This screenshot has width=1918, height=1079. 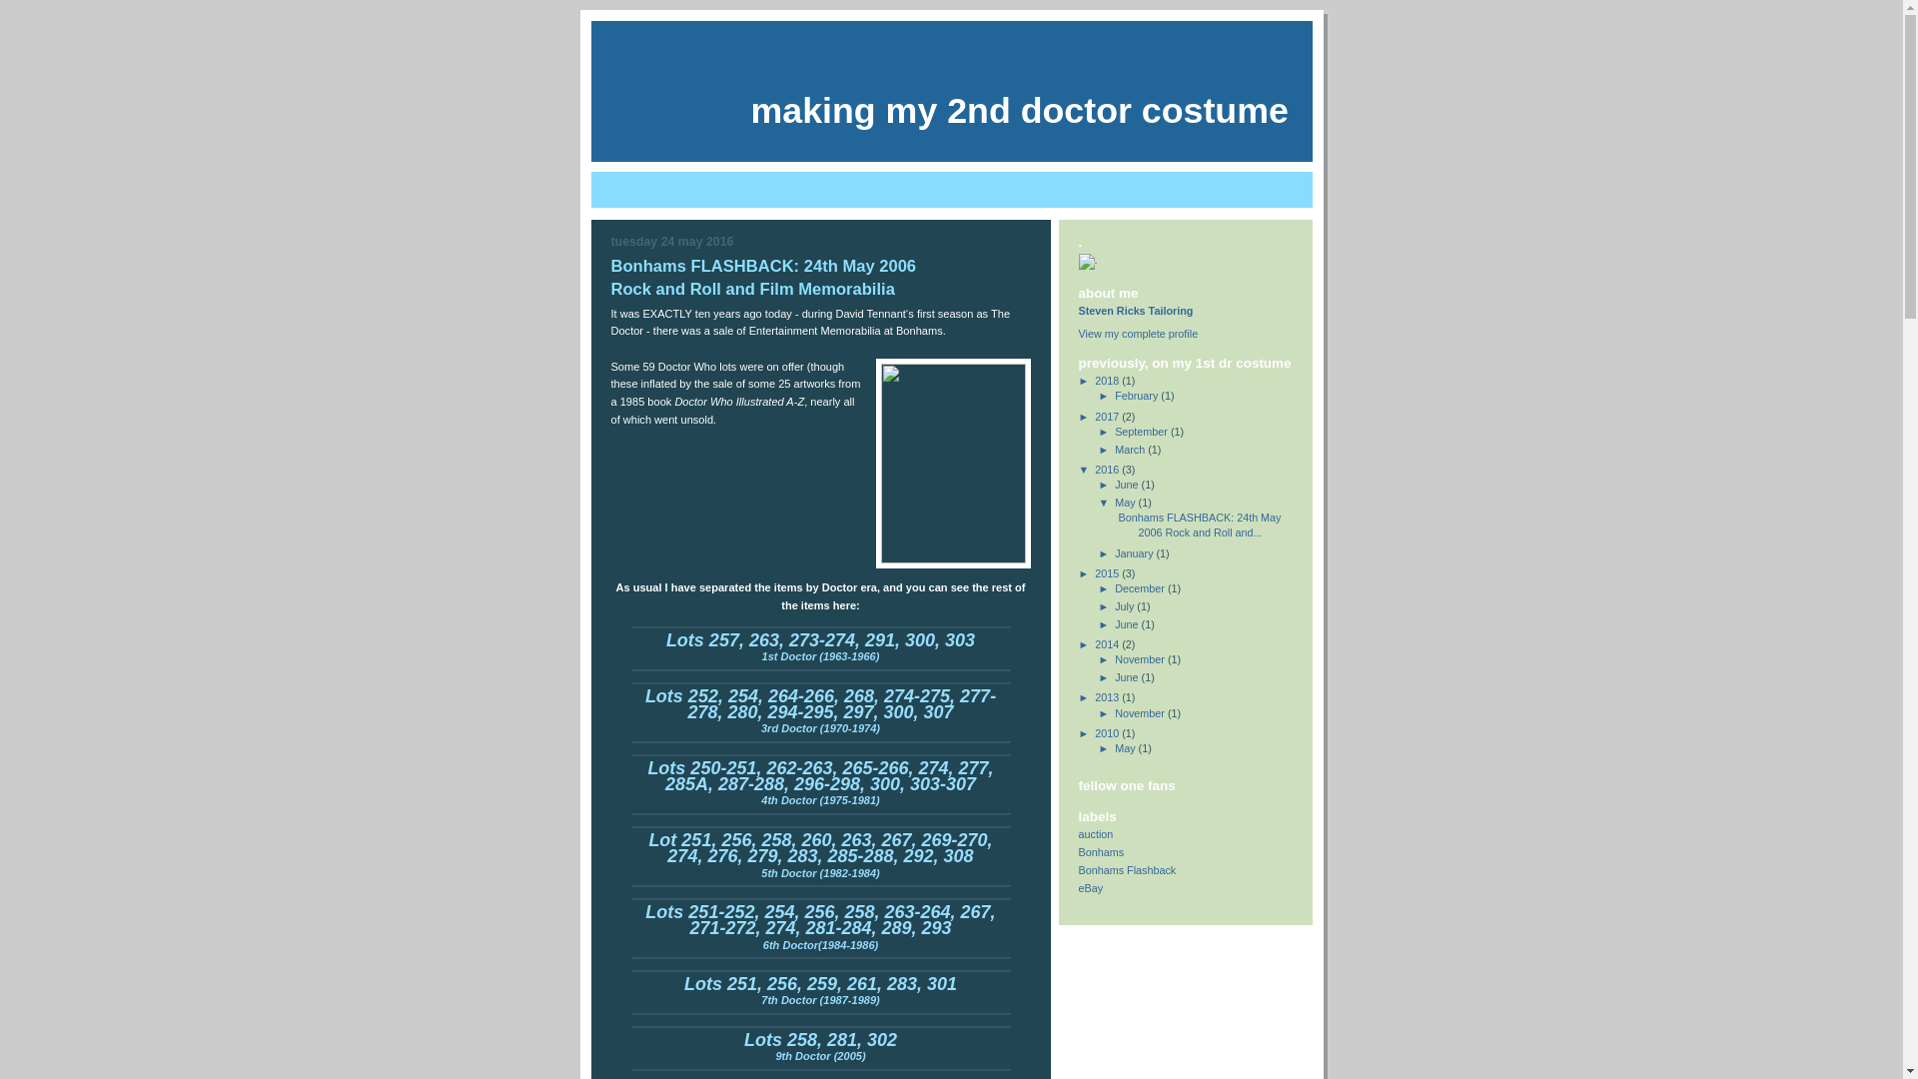 What do you see at coordinates (1135, 553) in the screenshot?
I see `'January'` at bounding box center [1135, 553].